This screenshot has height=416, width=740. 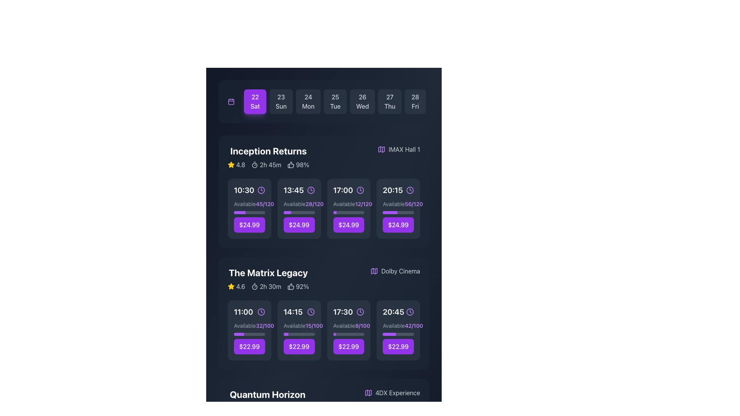 What do you see at coordinates (343, 203) in the screenshot?
I see `text label element that displays 'Available' in a gray font color, located in the dark-themed interface within the 17:00 time slot of the 'Inception Returns' section` at bounding box center [343, 203].